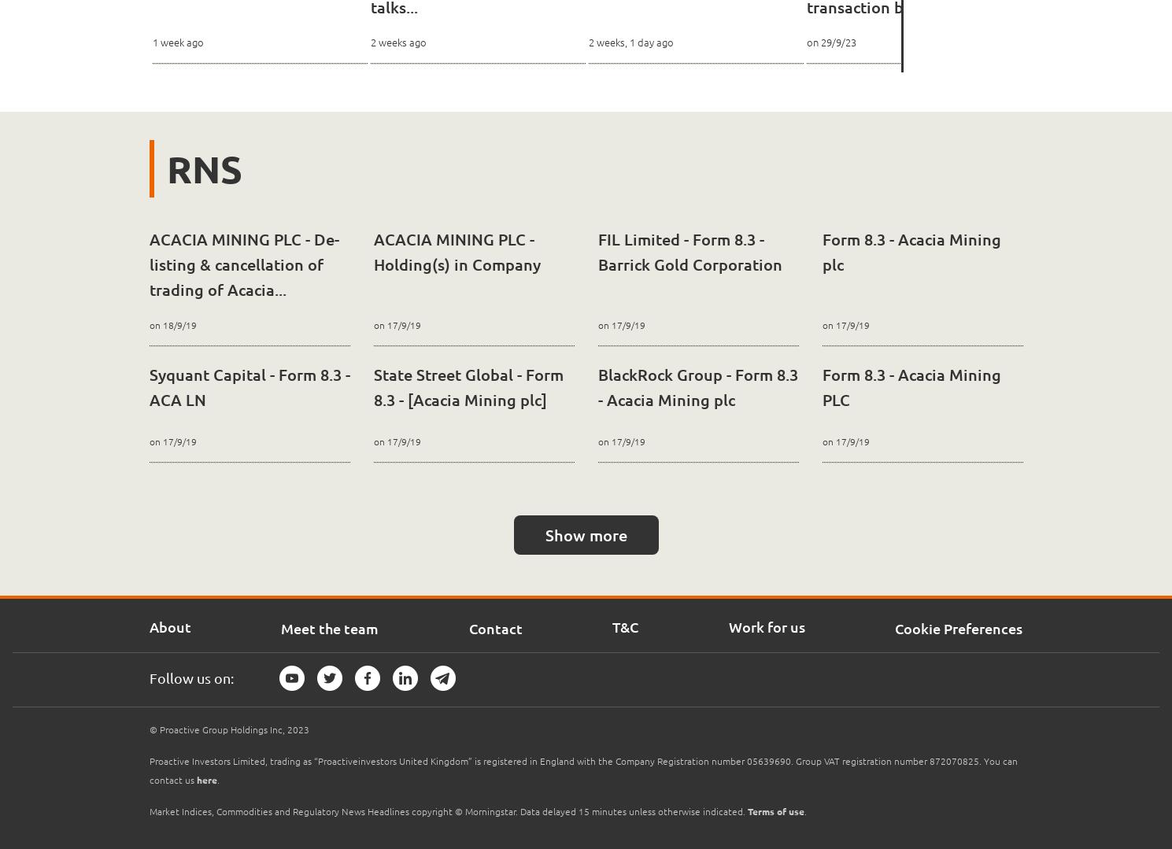 This screenshot has height=849, width=1172. What do you see at coordinates (468, 386) in the screenshot?
I see `'State Street Global - Form 8.3 - [Acacia Mining plc]'` at bounding box center [468, 386].